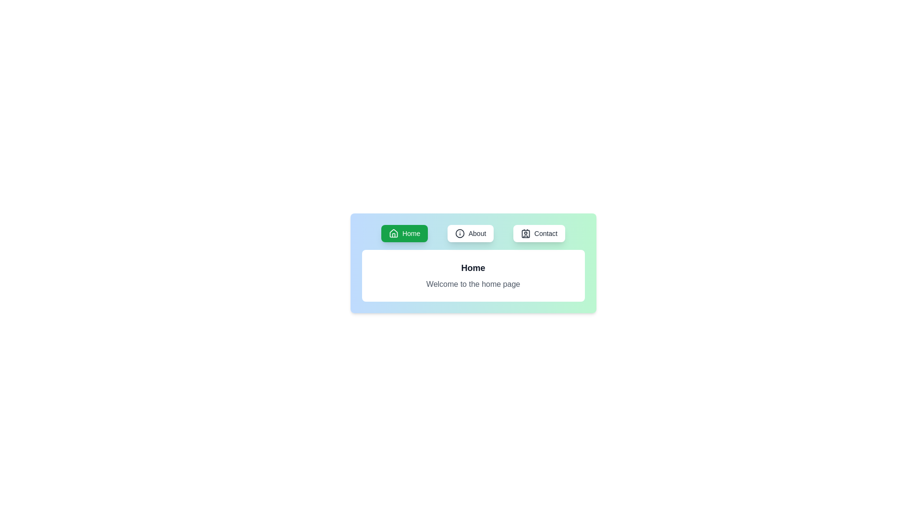 The width and height of the screenshot is (922, 518). Describe the element at coordinates (404, 233) in the screenshot. I see `the Home tab to switch to it` at that location.